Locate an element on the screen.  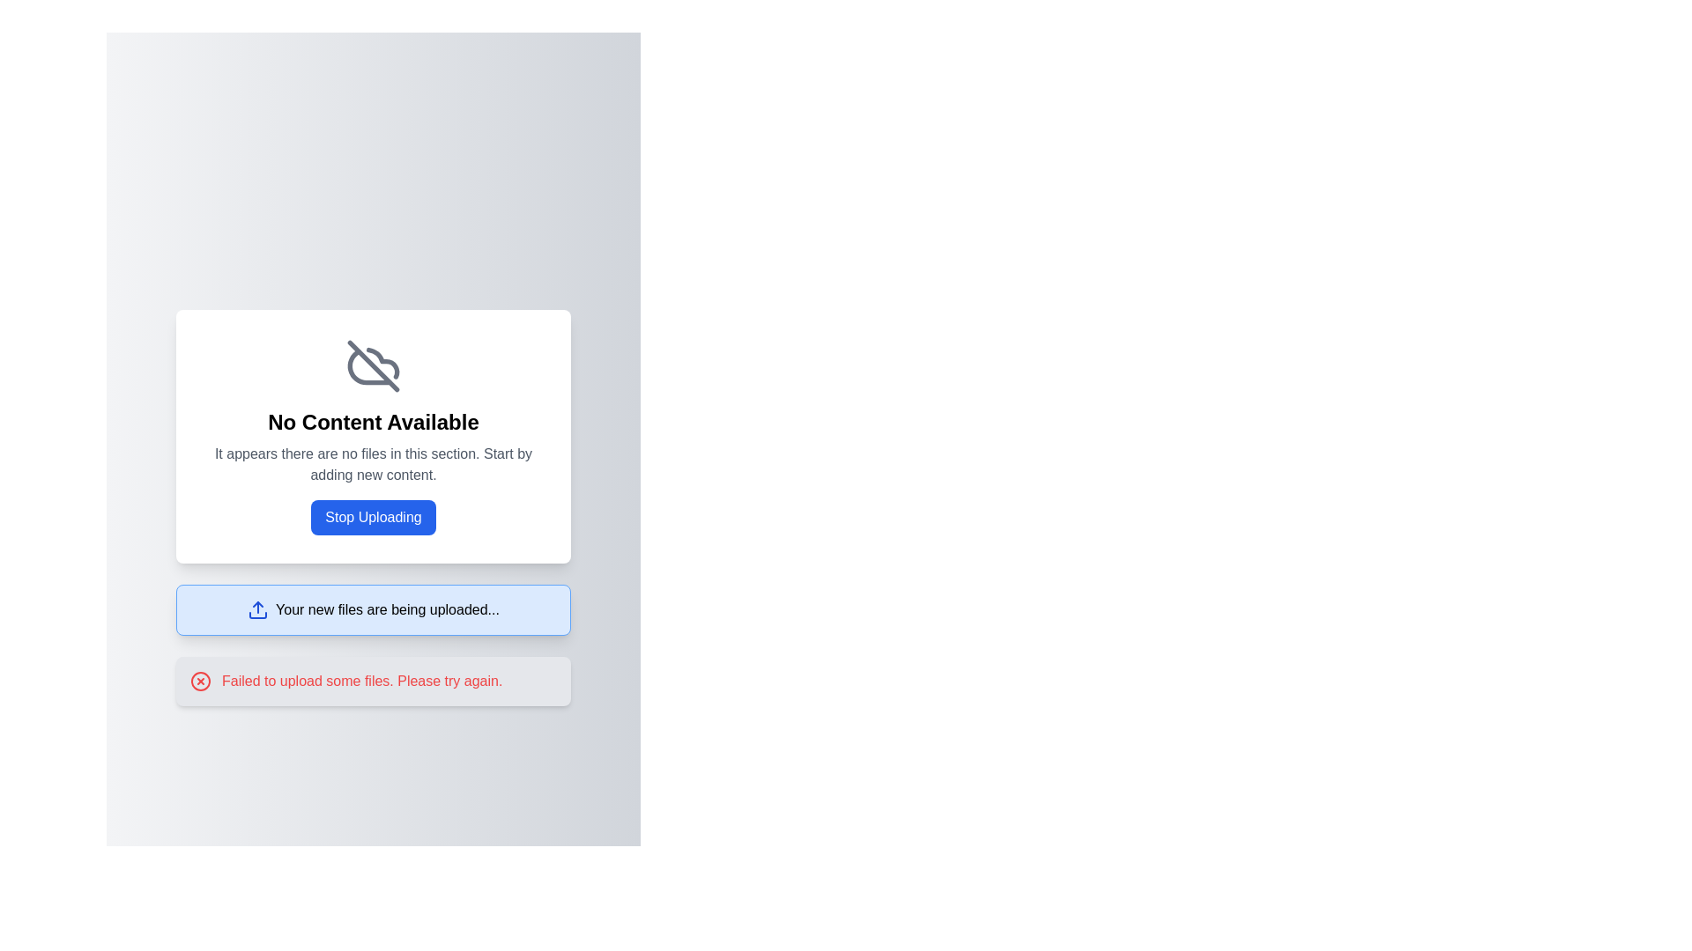
the blue rectangular segment of the upload icon located to the left of the text 'Your new files are being uploaded...' is located at coordinates (257, 615).